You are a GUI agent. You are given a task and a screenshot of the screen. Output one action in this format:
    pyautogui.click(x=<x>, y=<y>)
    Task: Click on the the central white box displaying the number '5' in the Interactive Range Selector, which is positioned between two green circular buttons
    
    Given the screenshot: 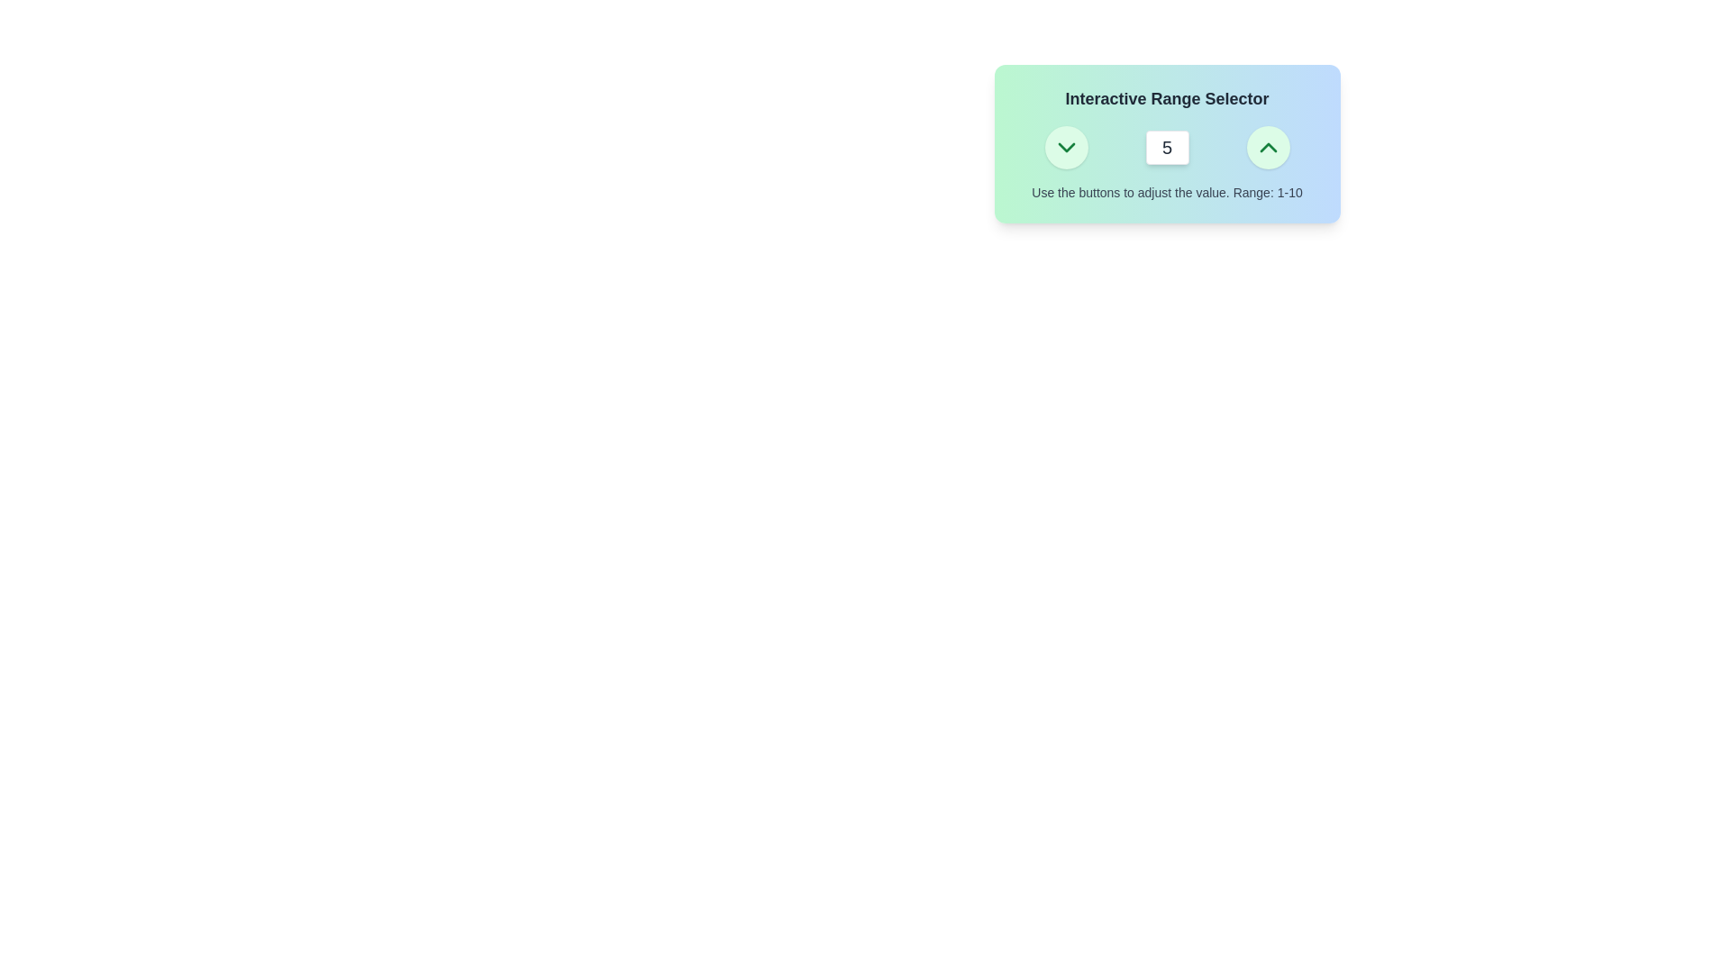 What is the action you would take?
    pyautogui.click(x=1167, y=147)
    